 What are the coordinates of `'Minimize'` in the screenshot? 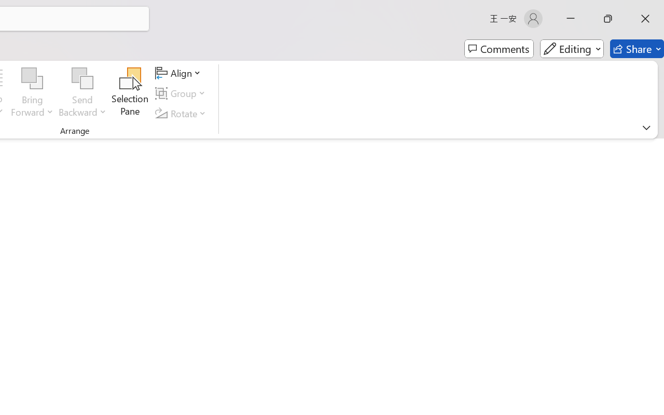 It's located at (570, 18).